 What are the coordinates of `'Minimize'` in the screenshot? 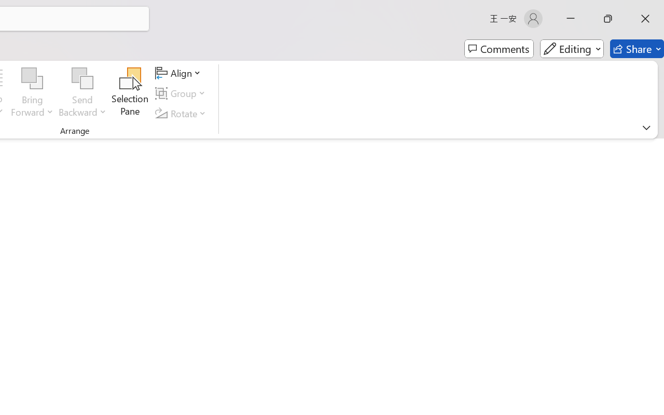 It's located at (570, 18).